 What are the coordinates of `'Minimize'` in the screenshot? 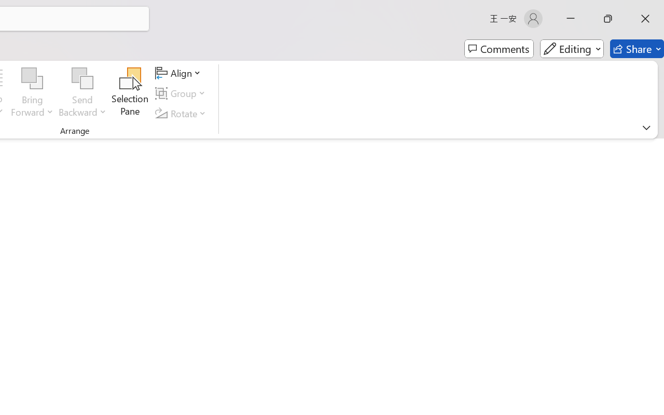 It's located at (570, 18).